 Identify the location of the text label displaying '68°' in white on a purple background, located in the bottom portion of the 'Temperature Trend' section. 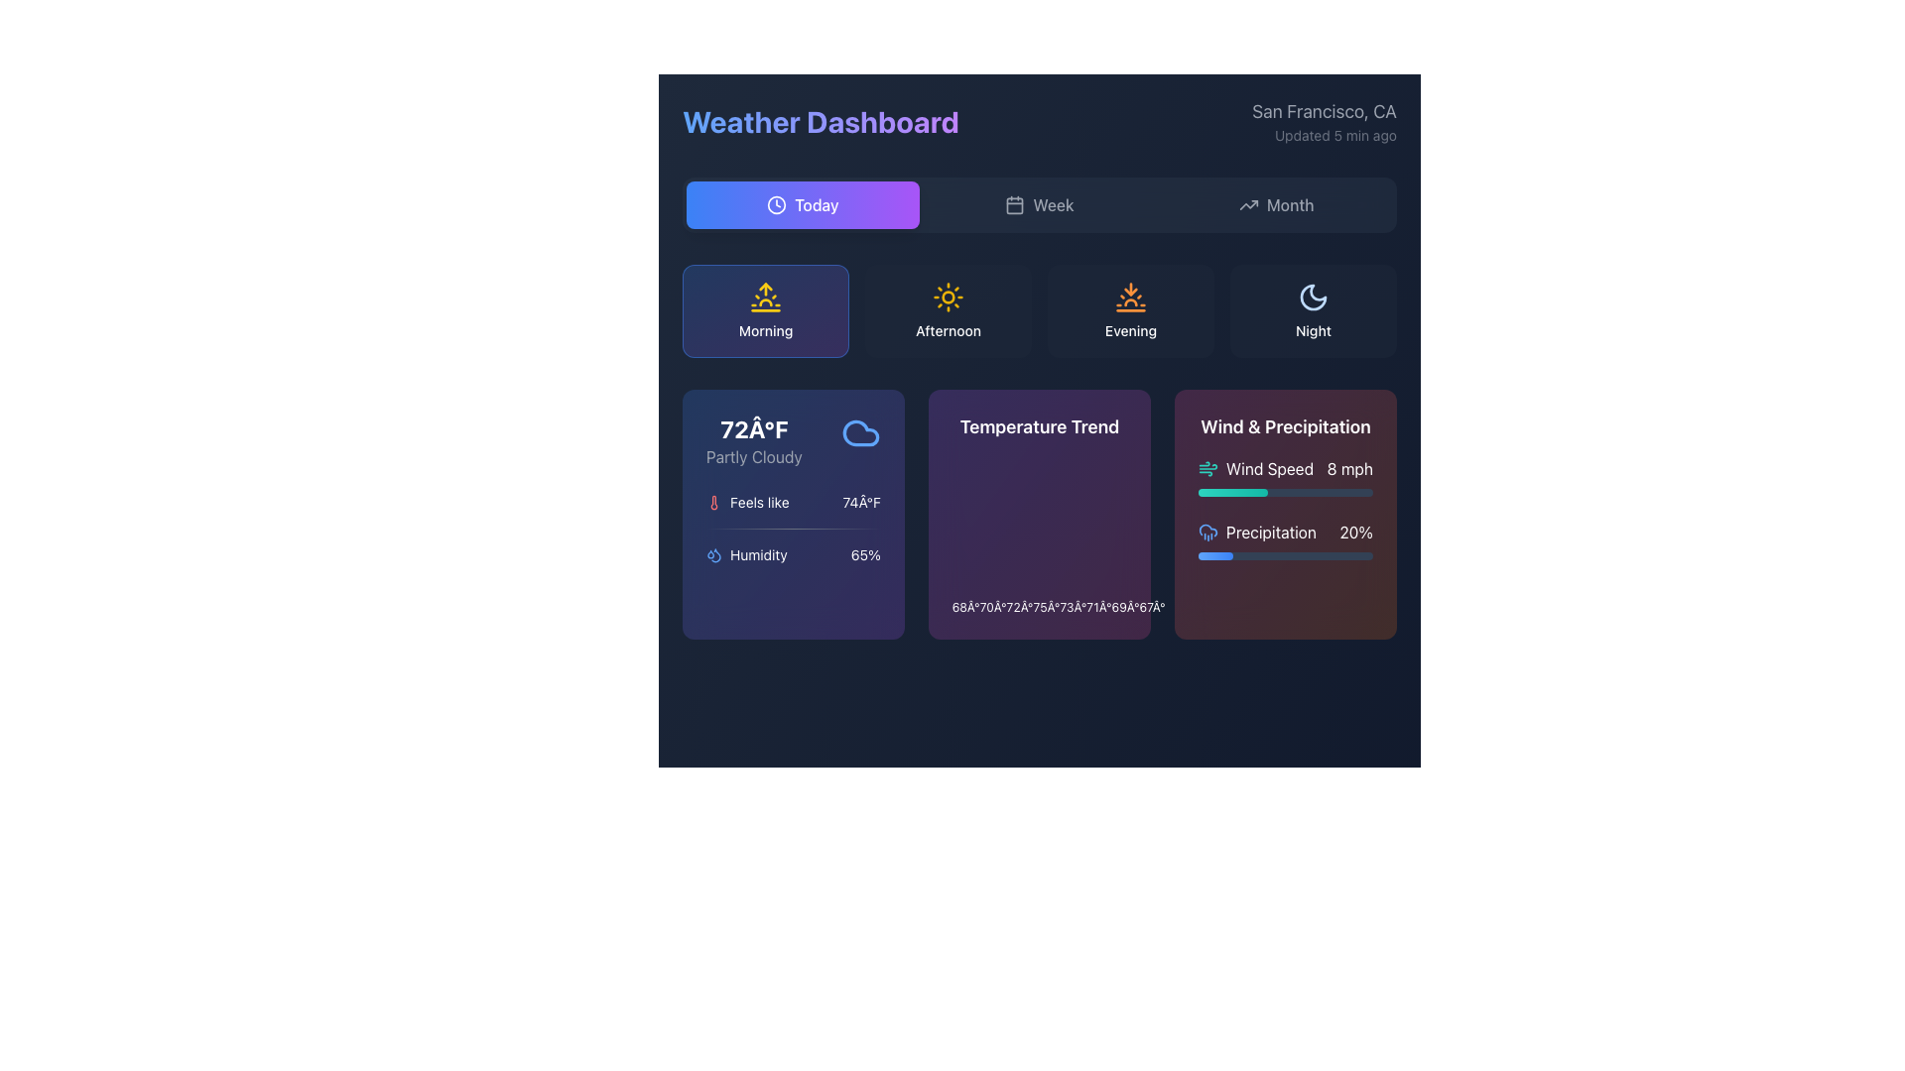
(966, 607).